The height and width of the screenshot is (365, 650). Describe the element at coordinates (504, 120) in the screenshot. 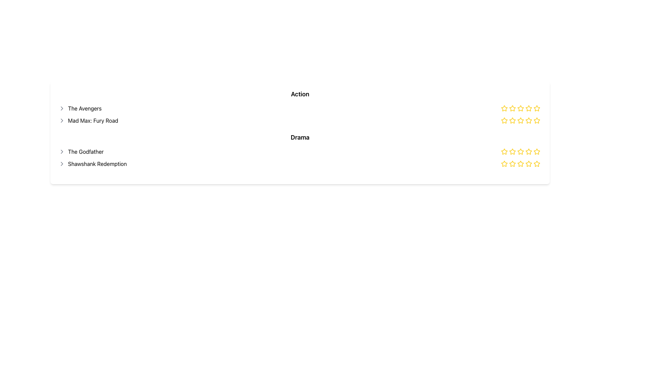

I see `the third star-shaped interactive icon in the second row of the rating component, which is under the 'Action' category for 'Mad Max: Fury Road', to rate it` at that location.